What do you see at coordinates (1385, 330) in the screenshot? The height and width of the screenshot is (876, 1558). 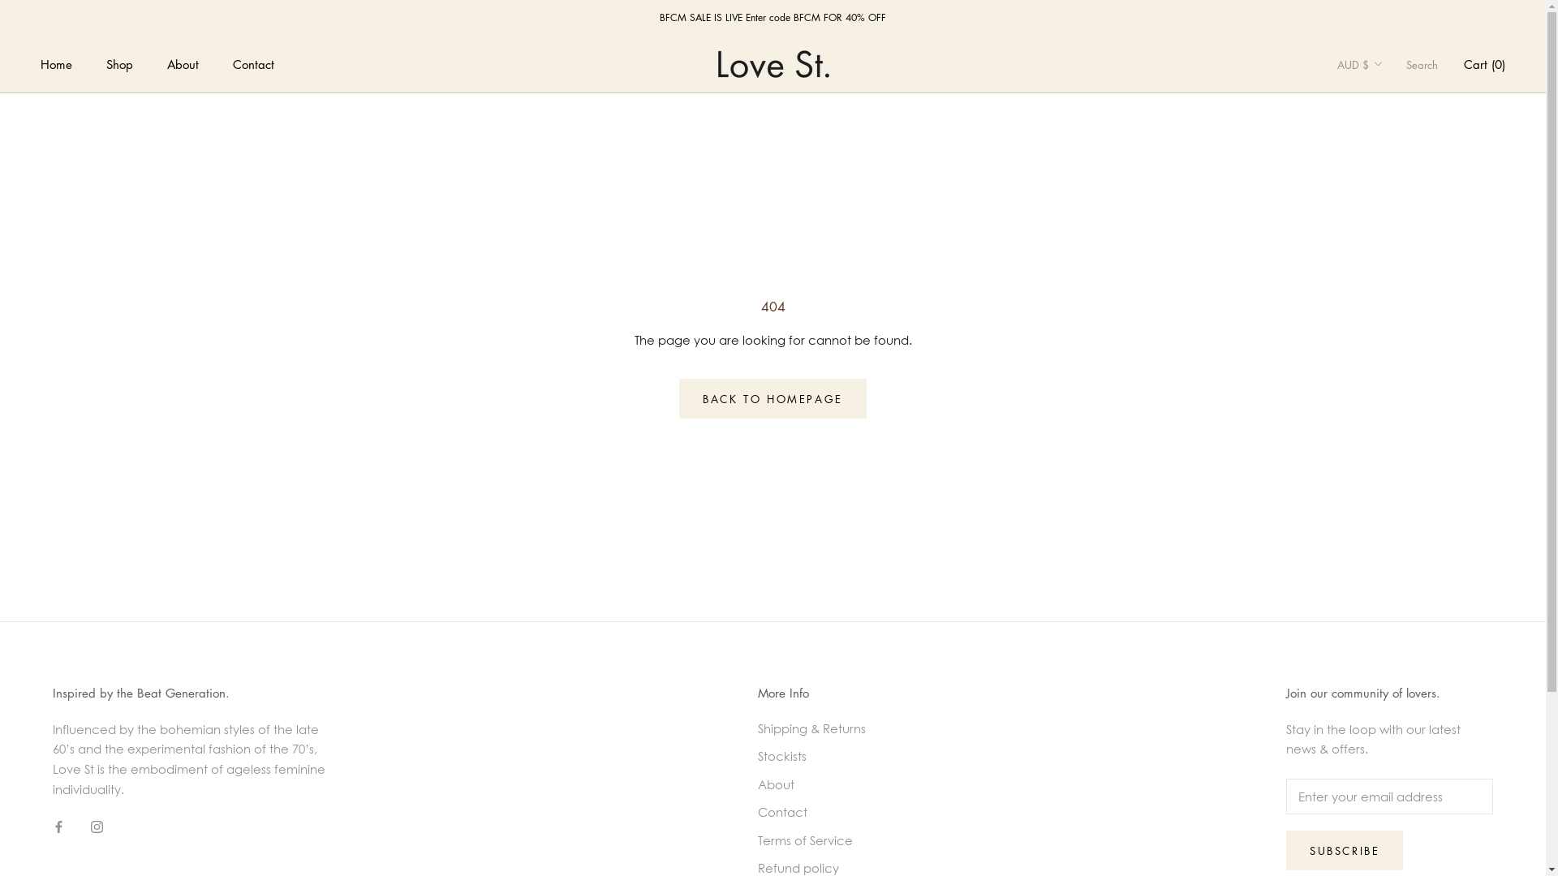 I see `'BBD'` at bounding box center [1385, 330].